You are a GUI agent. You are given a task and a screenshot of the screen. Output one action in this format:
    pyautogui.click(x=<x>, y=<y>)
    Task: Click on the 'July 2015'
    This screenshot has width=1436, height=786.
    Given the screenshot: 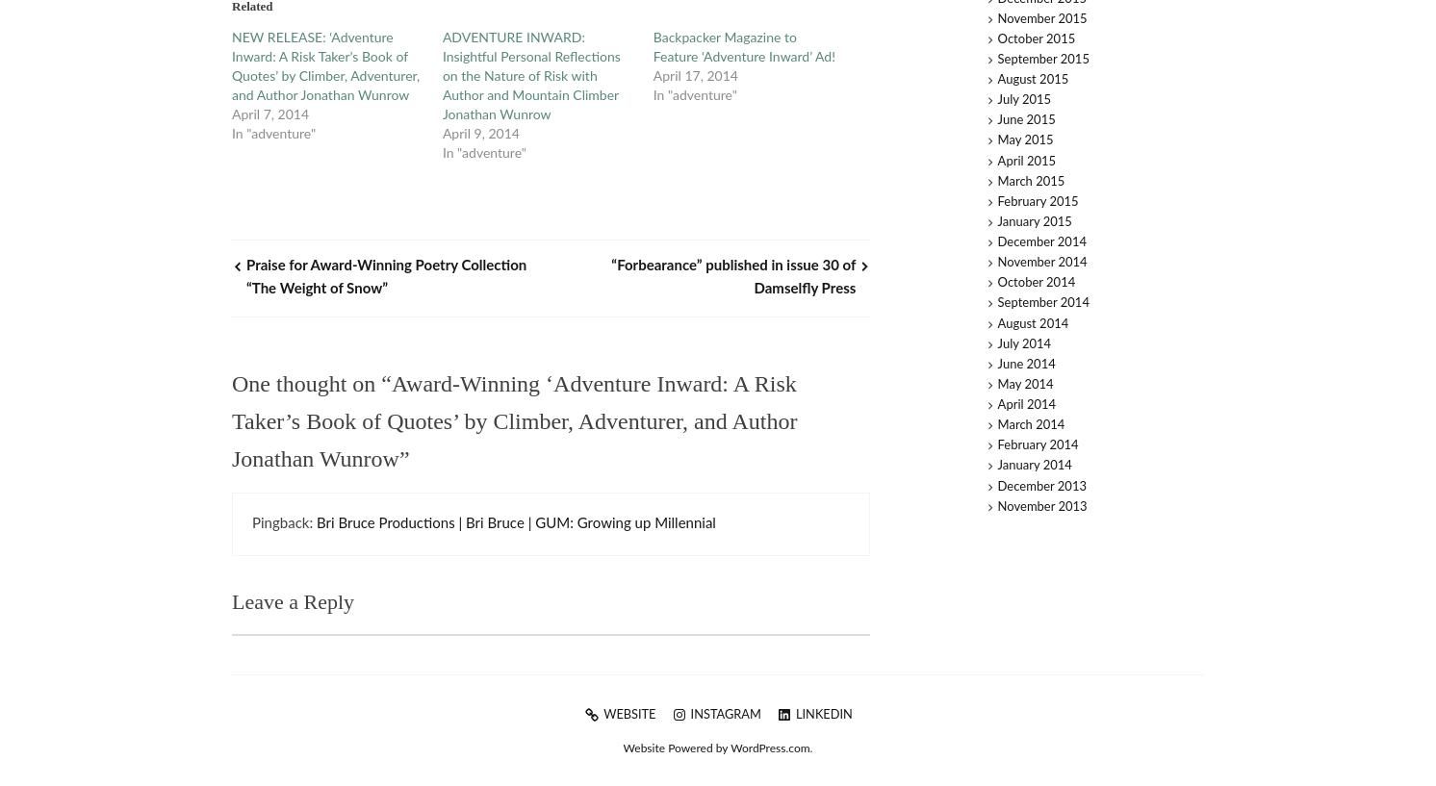 What is the action you would take?
    pyautogui.click(x=1023, y=100)
    